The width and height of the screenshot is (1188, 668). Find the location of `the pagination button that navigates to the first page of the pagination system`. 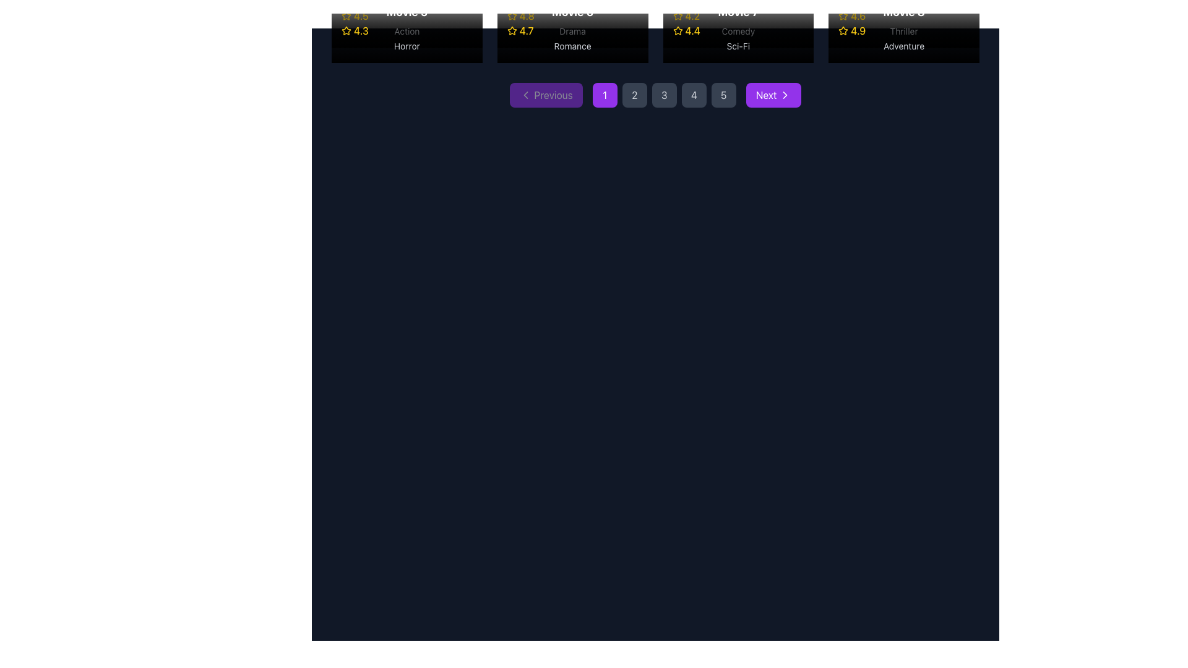

the pagination button that navigates to the first page of the pagination system is located at coordinates (605, 95).